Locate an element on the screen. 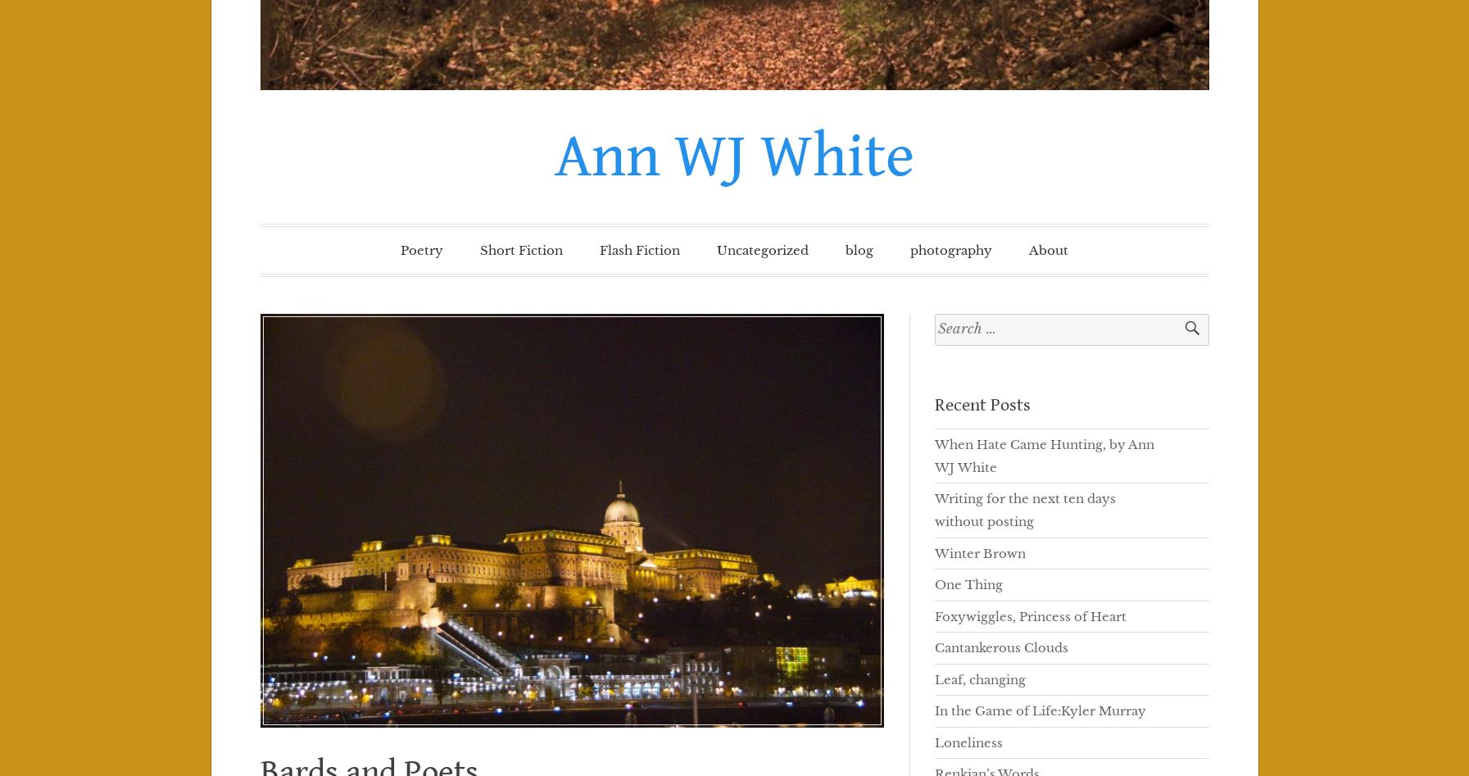  'About' is located at coordinates (1049, 249).